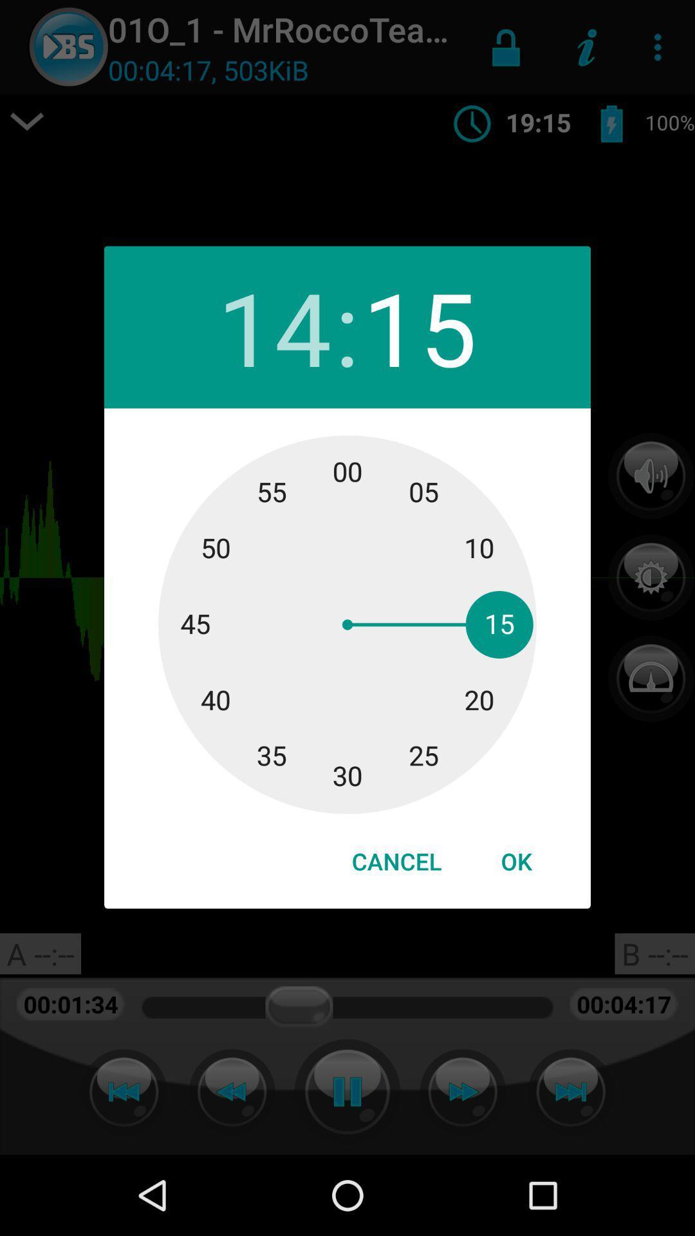 The height and width of the screenshot is (1236, 695). Describe the element at coordinates (420, 327) in the screenshot. I see `the item to the right of the :` at that location.